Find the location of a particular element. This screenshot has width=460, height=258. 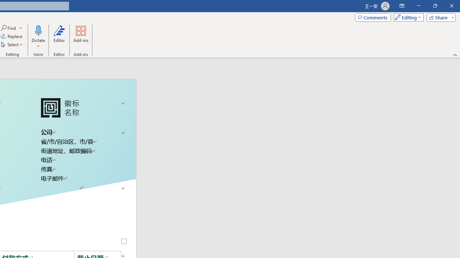

'Dictate' is located at coordinates (38, 30).